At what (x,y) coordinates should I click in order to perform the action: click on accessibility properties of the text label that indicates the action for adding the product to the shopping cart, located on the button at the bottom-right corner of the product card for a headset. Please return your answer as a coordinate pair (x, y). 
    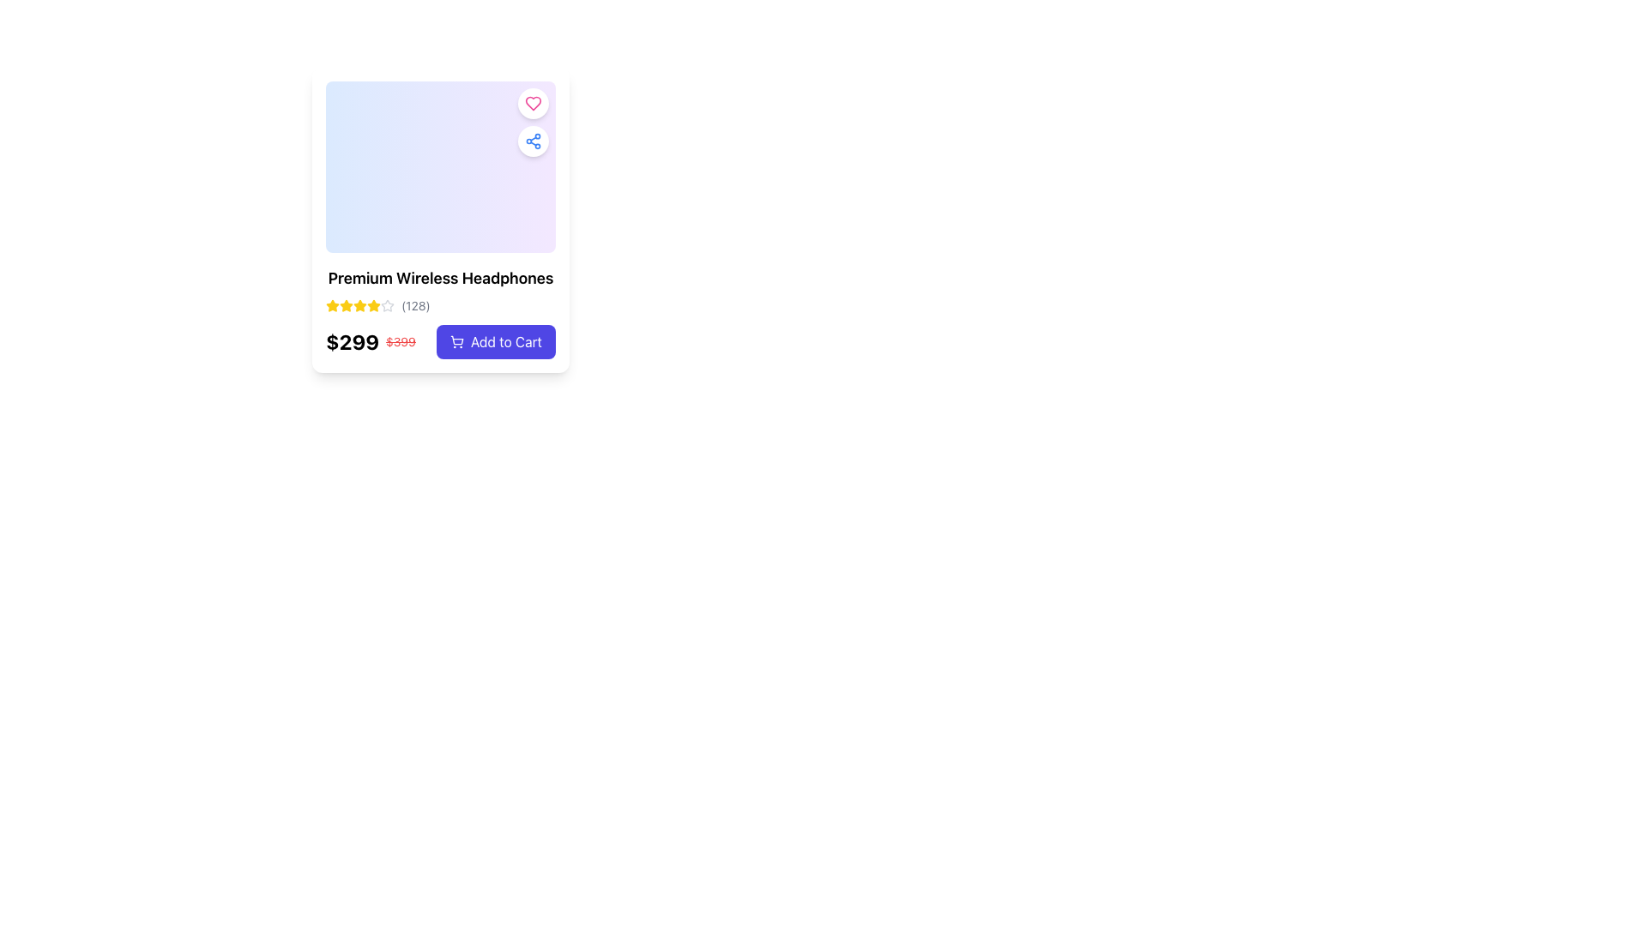
    Looking at the image, I should click on (505, 341).